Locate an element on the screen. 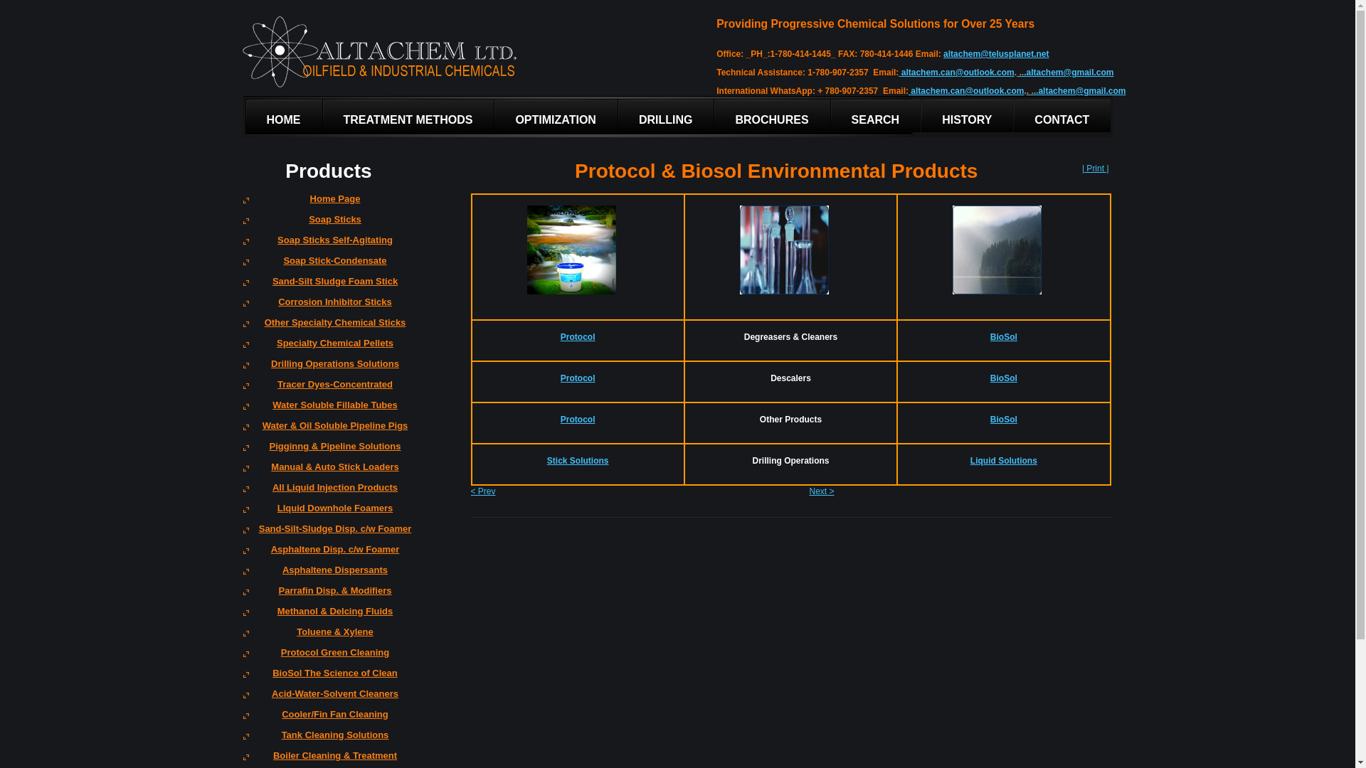 The height and width of the screenshot is (768, 1366). 'BROCHURES' is located at coordinates (771, 116).